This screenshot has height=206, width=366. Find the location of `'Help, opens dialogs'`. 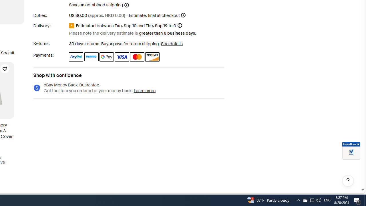

'Help, opens dialogs' is located at coordinates (348, 181).